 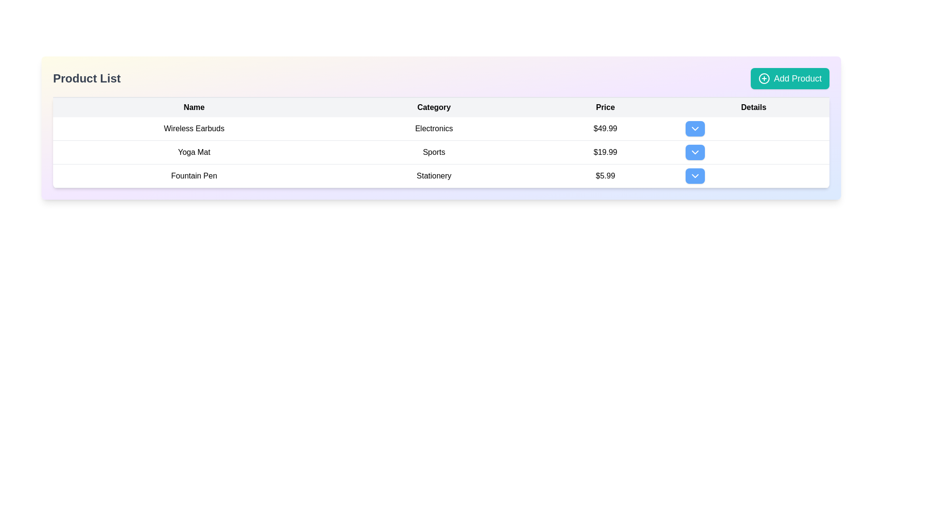 What do you see at coordinates (695, 152) in the screenshot?
I see `the second button in the 'Details' column of the second row of the table` at bounding box center [695, 152].